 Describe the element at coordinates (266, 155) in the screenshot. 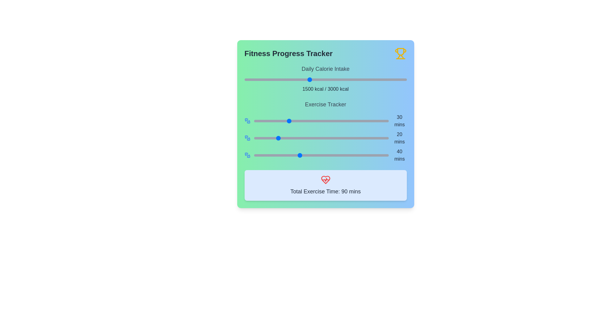

I see `the exercise time` at that location.